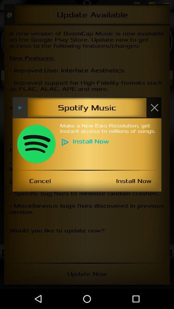 The width and height of the screenshot is (174, 309). I want to click on item below the spotify music, so click(36, 144).